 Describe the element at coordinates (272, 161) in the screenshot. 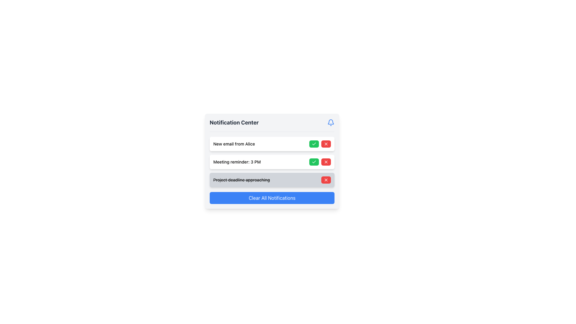

I see `the green checkmark button on the Notification Center to mark the notification as acknowledged` at that location.